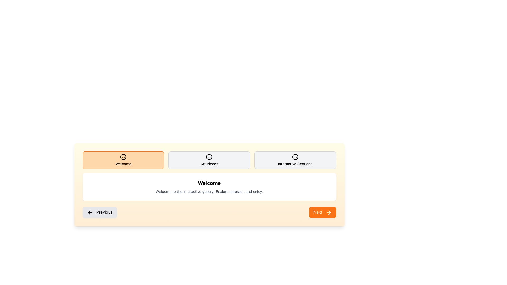 The width and height of the screenshot is (507, 285). Describe the element at coordinates (329, 212) in the screenshot. I see `the rightward-pointing arrow icon within the 'Next' button located at the bottom-right corner of the interface` at that location.